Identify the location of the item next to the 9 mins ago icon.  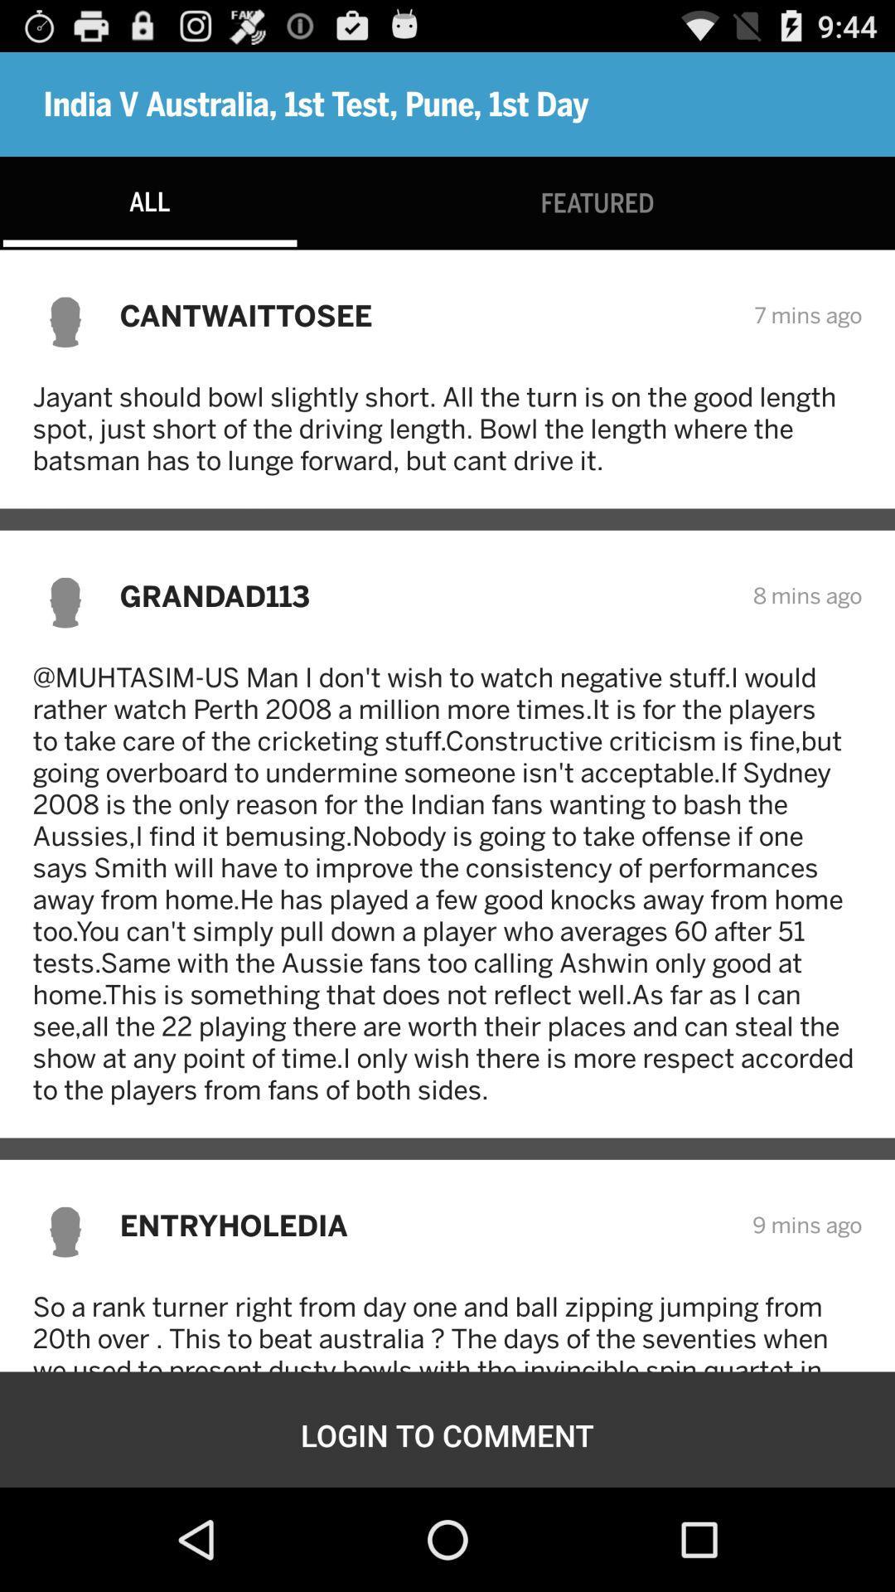
(424, 1225).